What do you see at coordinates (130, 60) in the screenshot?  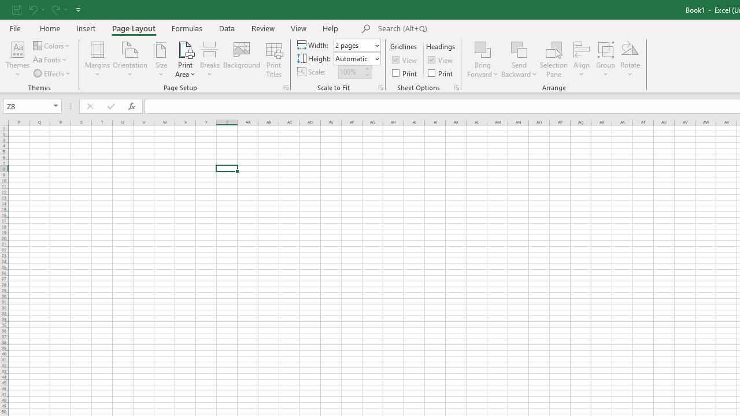 I see `'Orientation'` at bounding box center [130, 60].